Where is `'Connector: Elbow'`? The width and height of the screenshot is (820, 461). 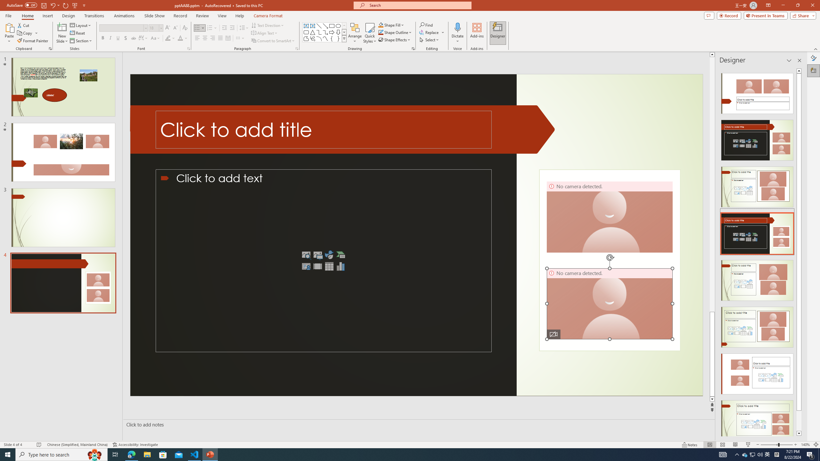 'Connector: Elbow' is located at coordinates (318, 32).